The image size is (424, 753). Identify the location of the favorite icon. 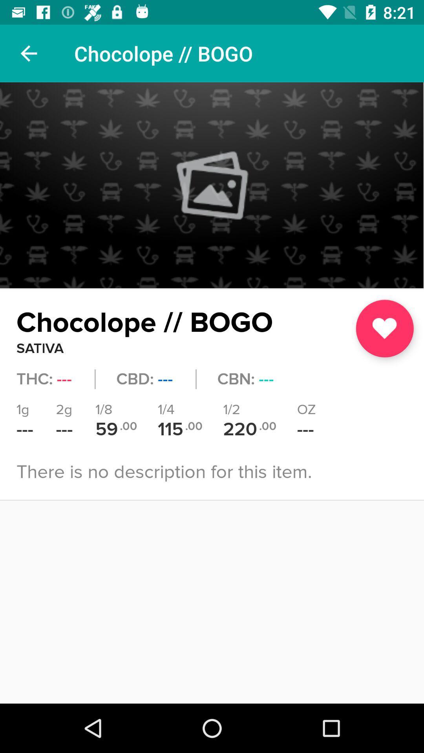
(384, 328).